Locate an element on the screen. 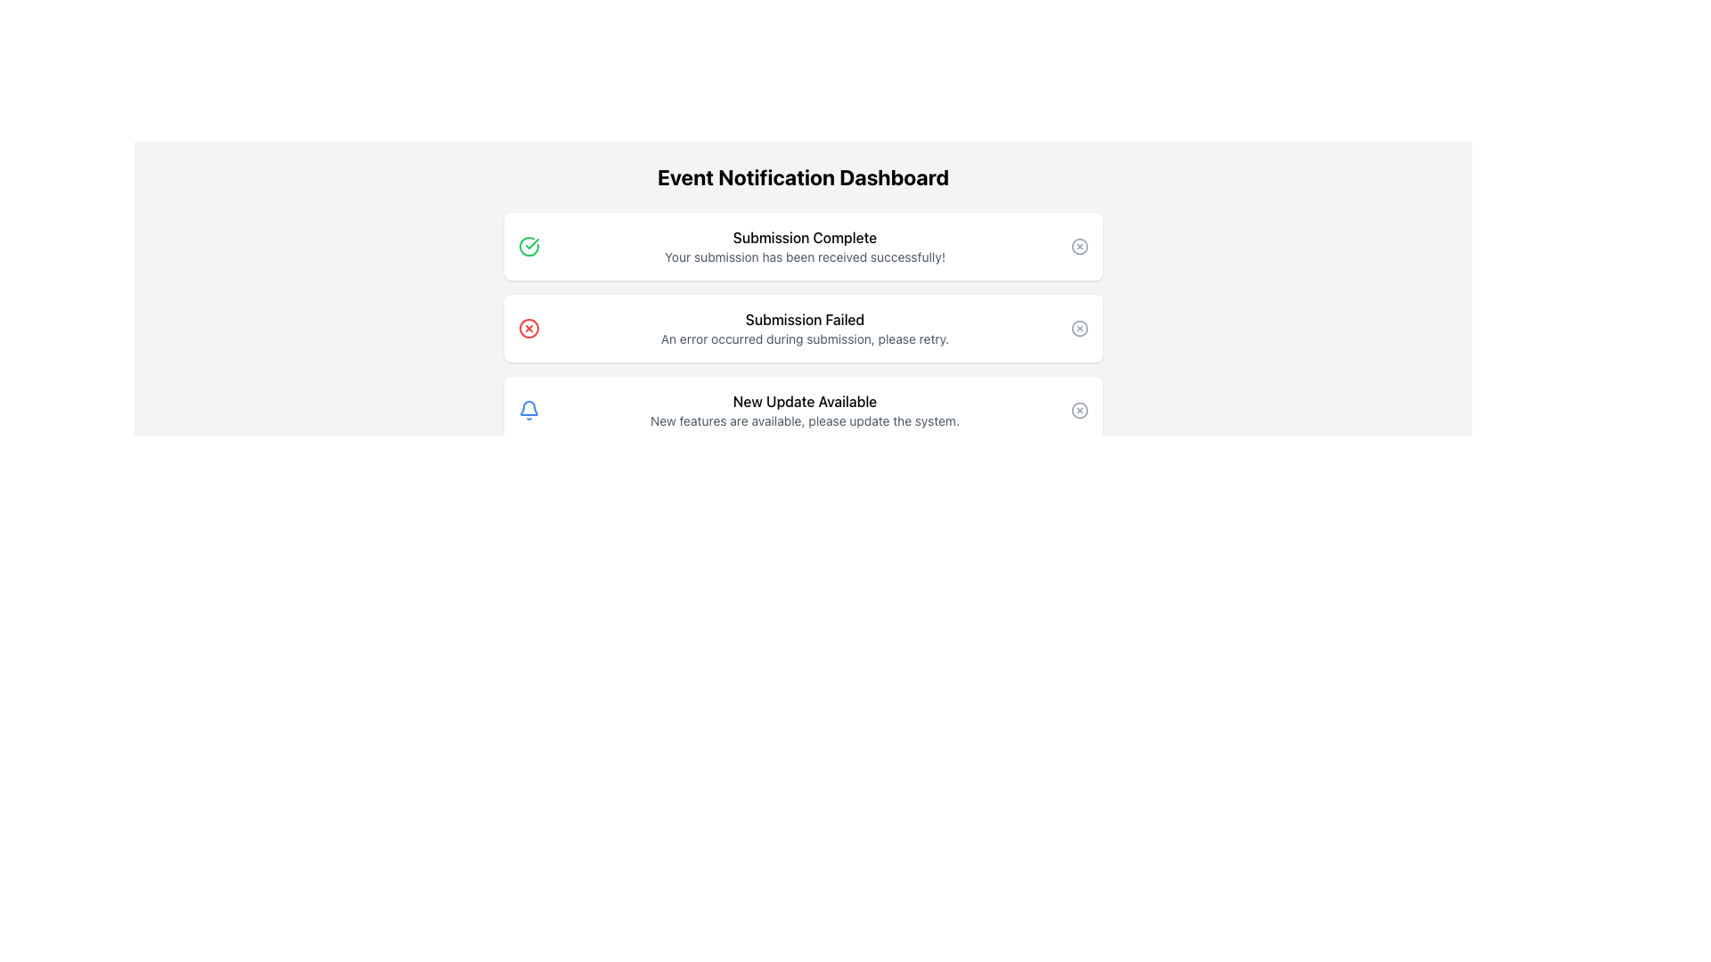 The width and height of the screenshot is (1711, 962). the informational static text that confirms the successful completion of the submission process, located beneath the 'Submission Complete' text element is located at coordinates (804, 257).